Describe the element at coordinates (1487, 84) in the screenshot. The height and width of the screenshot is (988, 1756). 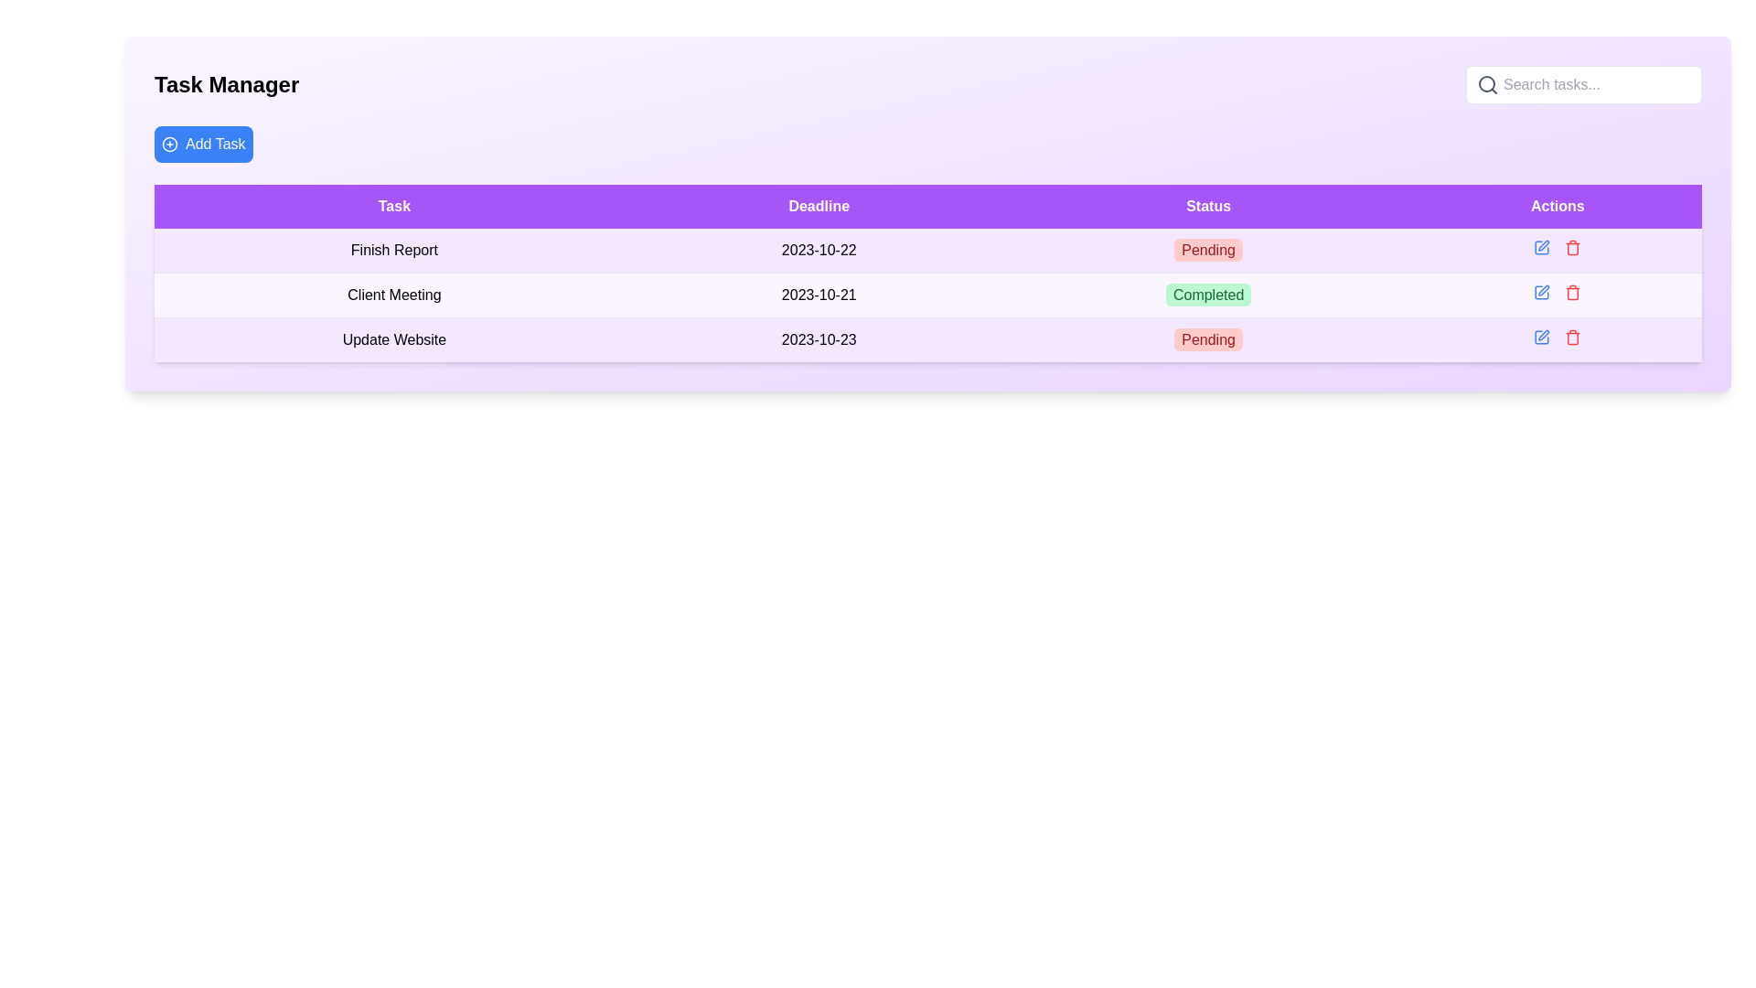
I see `the central circular portion of the magnifying glass icon located` at that location.